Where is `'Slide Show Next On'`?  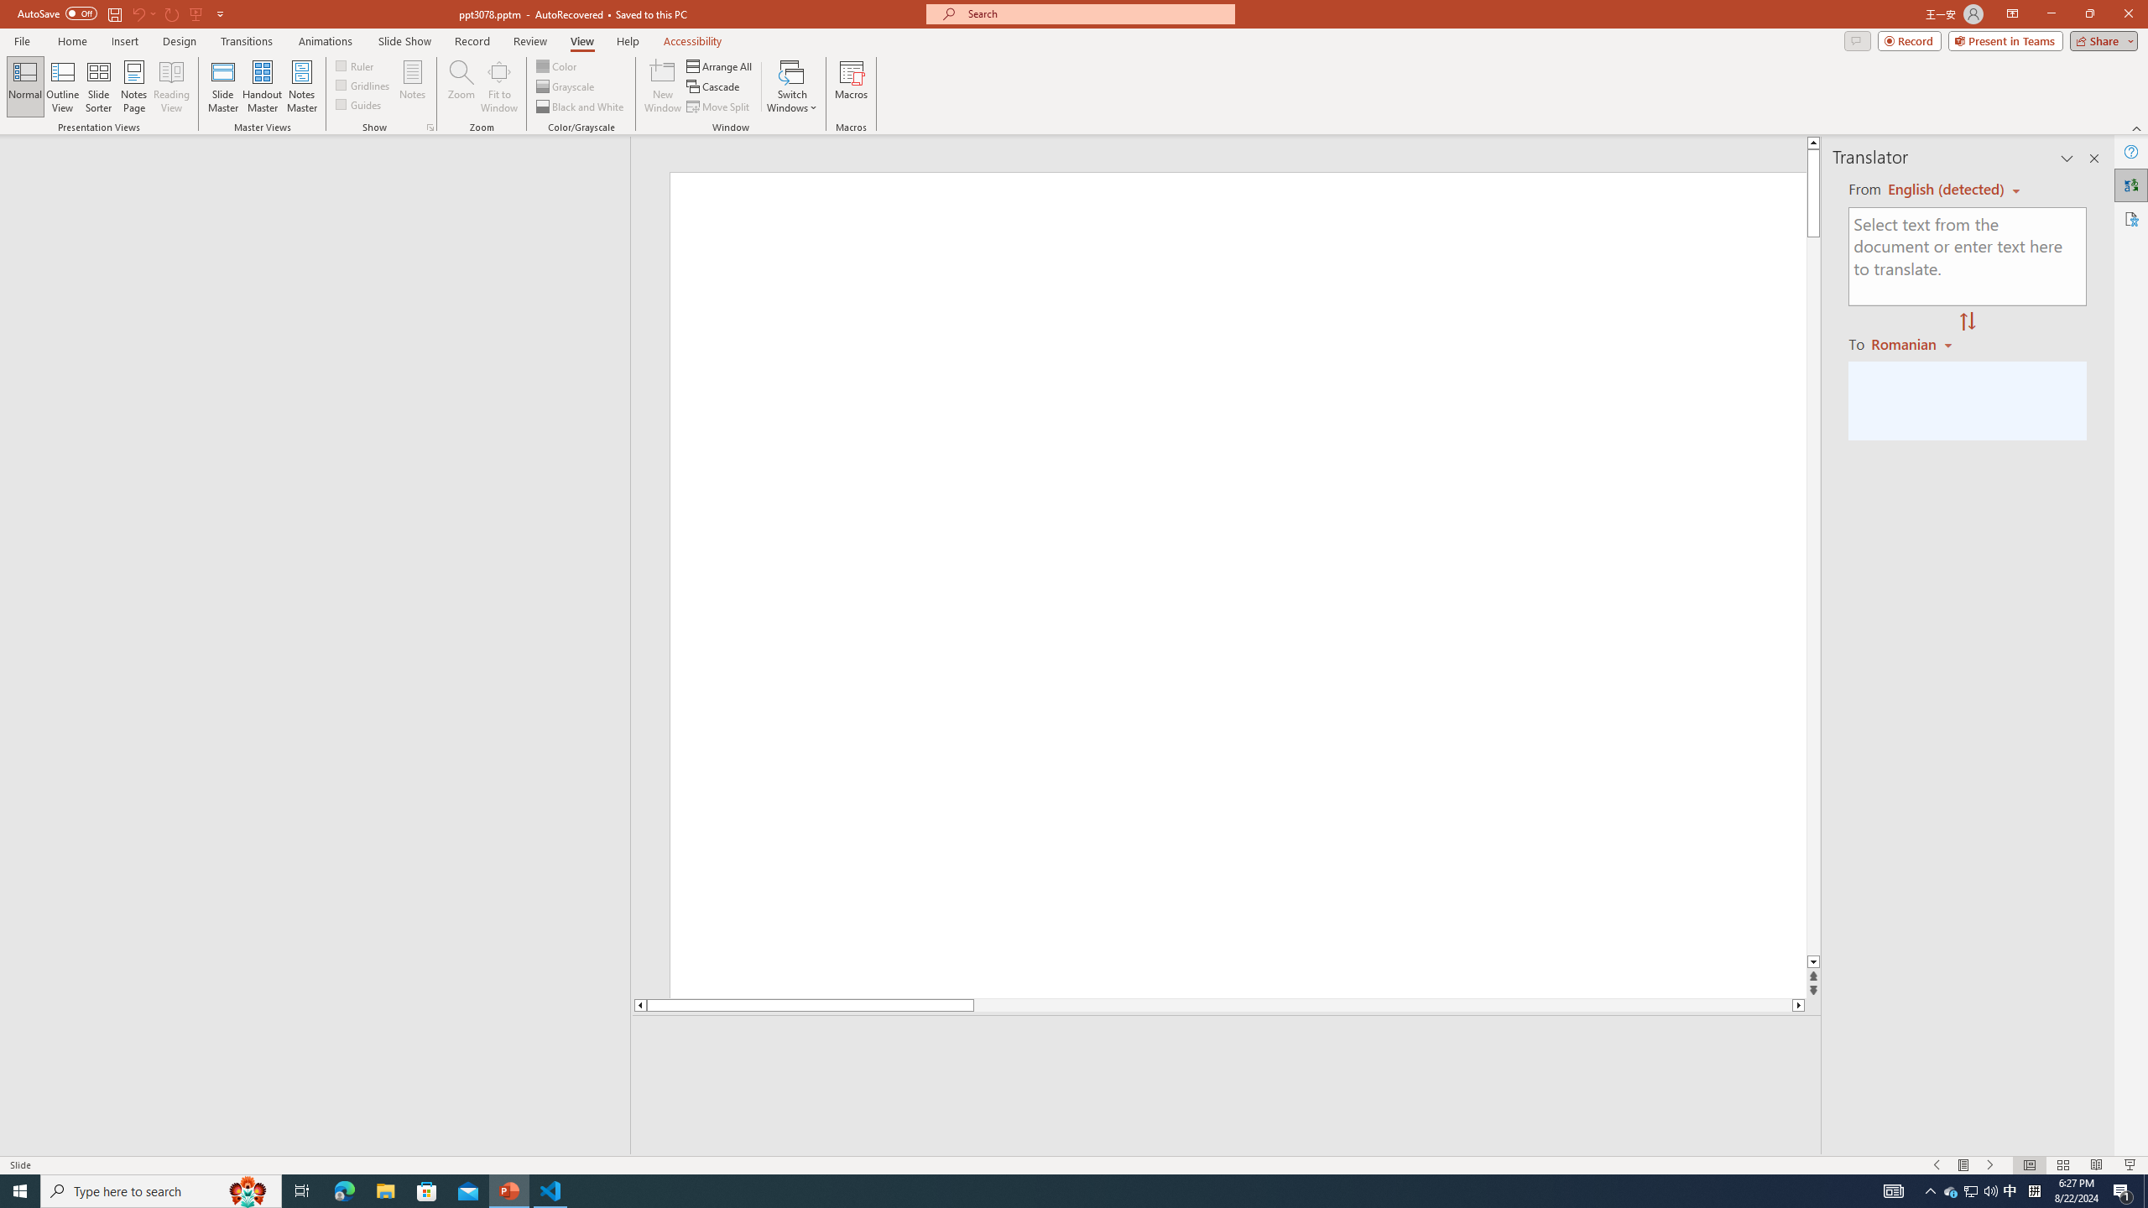
'Slide Show Next On' is located at coordinates (1990, 1165).